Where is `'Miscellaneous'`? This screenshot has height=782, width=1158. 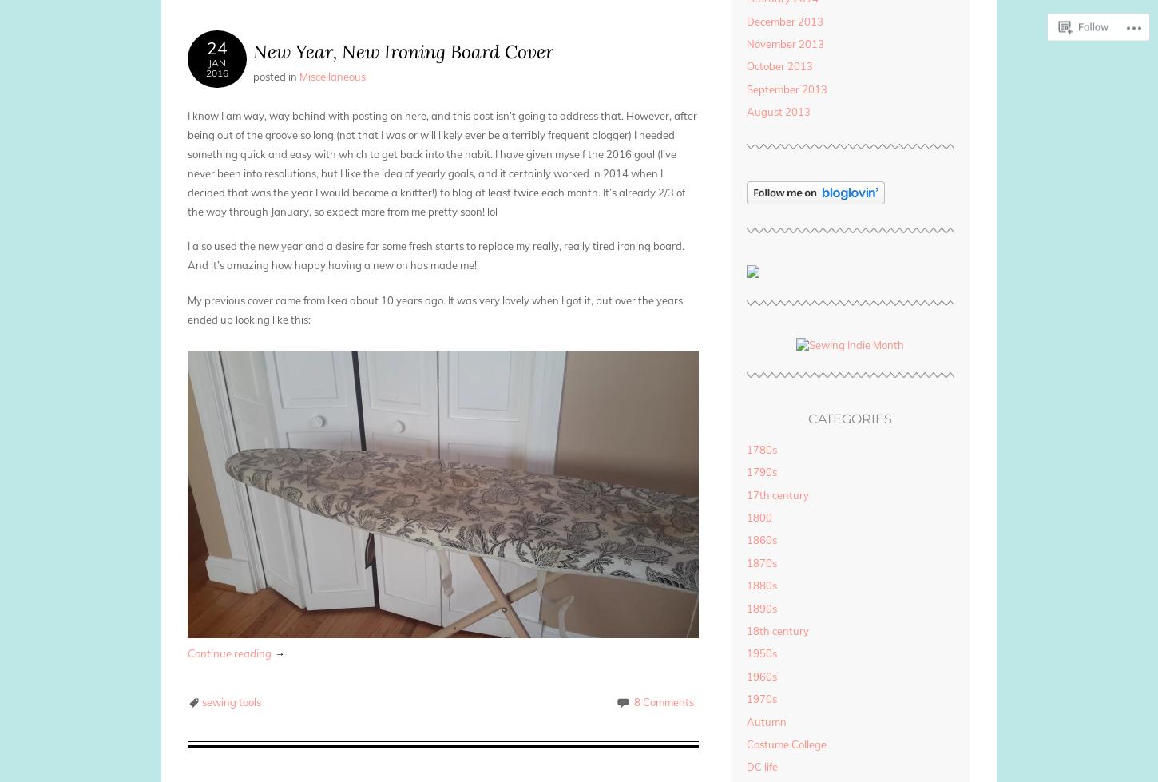 'Miscellaneous' is located at coordinates (331, 77).